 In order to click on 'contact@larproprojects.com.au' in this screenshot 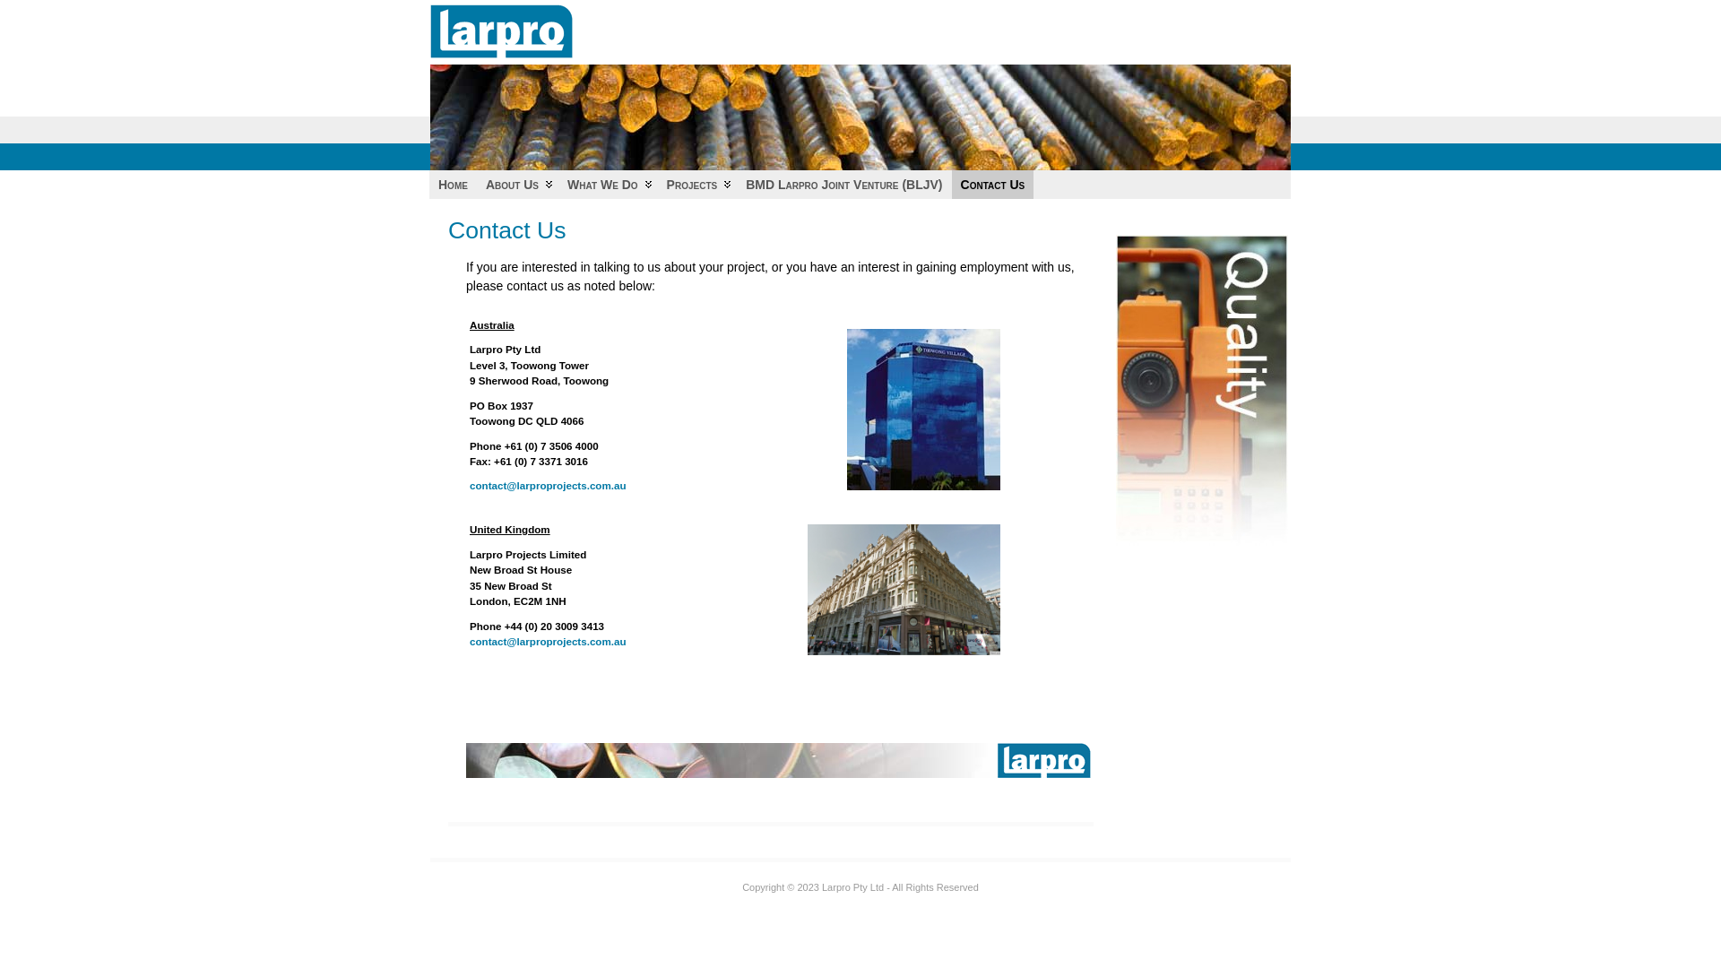, I will do `click(469, 485)`.